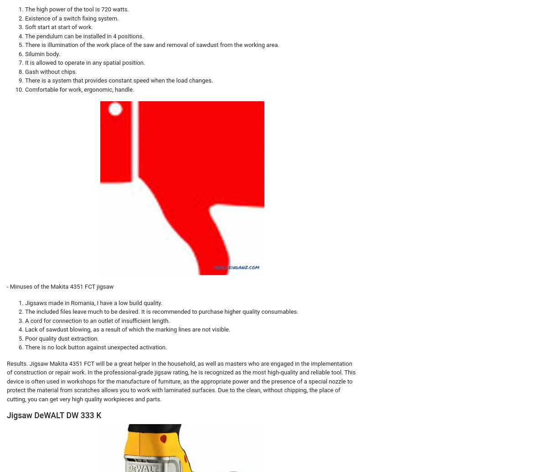 This screenshot has width=547, height=472. I want to click on 'Jigsaws made in Romania, I have a low build quality.', so click(25, 302).